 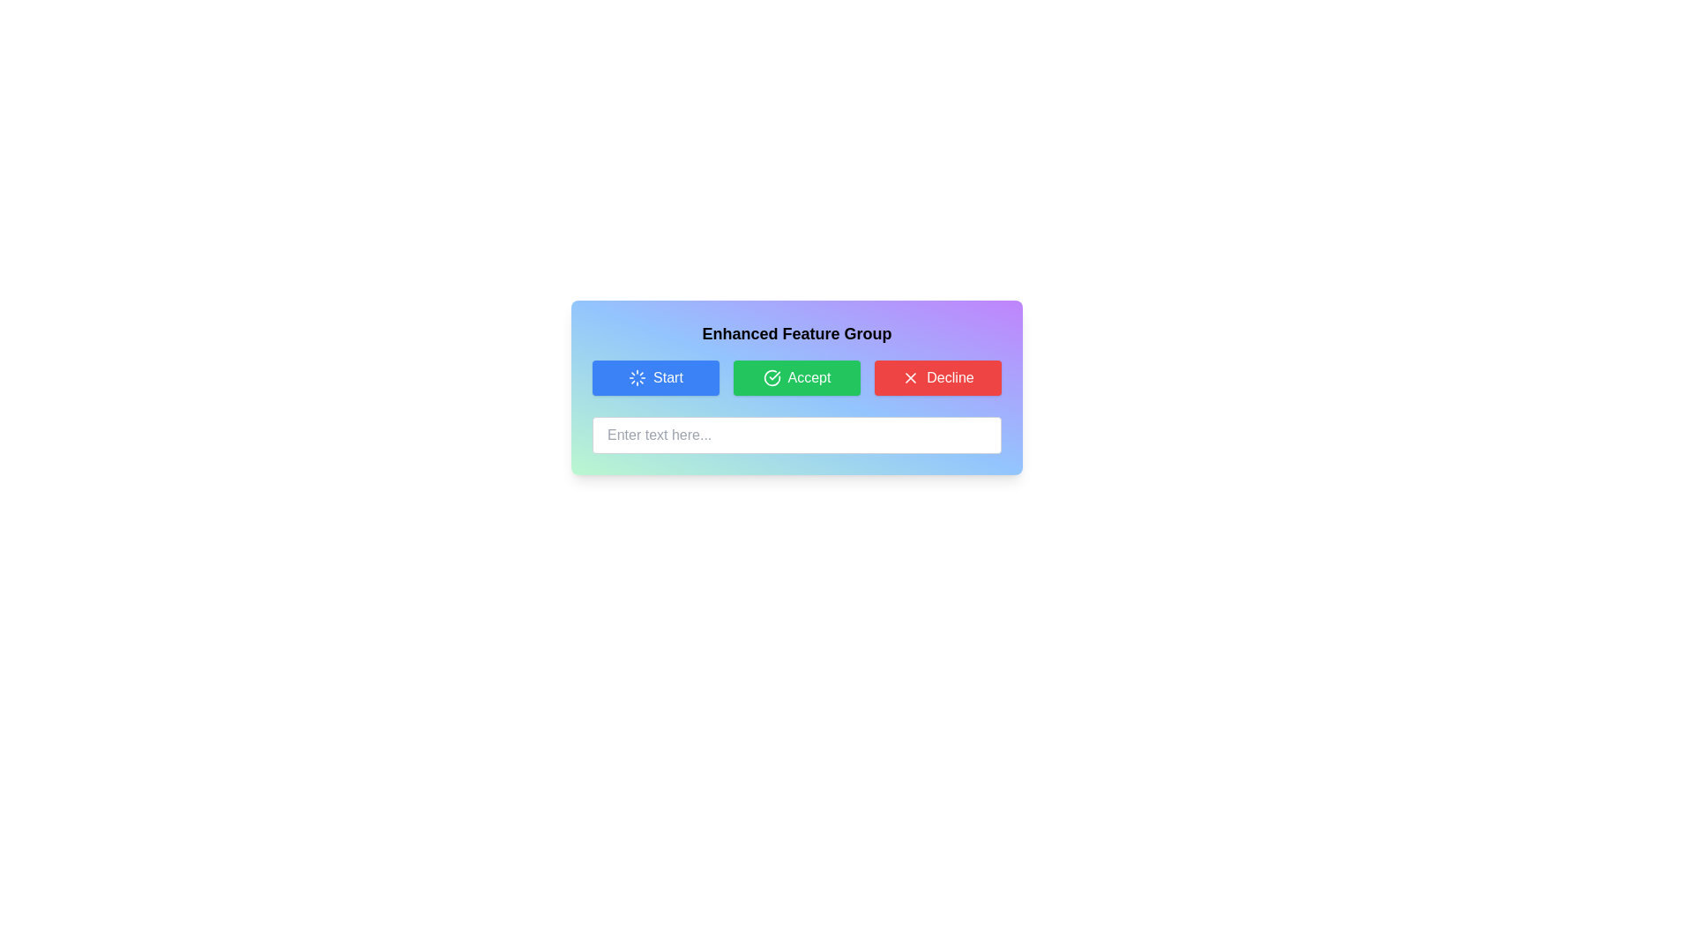 What do you see at coordinates (795, 376) in the screenshot?
I see `the middle button in the row of three buttons` at bounding box center [795, 376].